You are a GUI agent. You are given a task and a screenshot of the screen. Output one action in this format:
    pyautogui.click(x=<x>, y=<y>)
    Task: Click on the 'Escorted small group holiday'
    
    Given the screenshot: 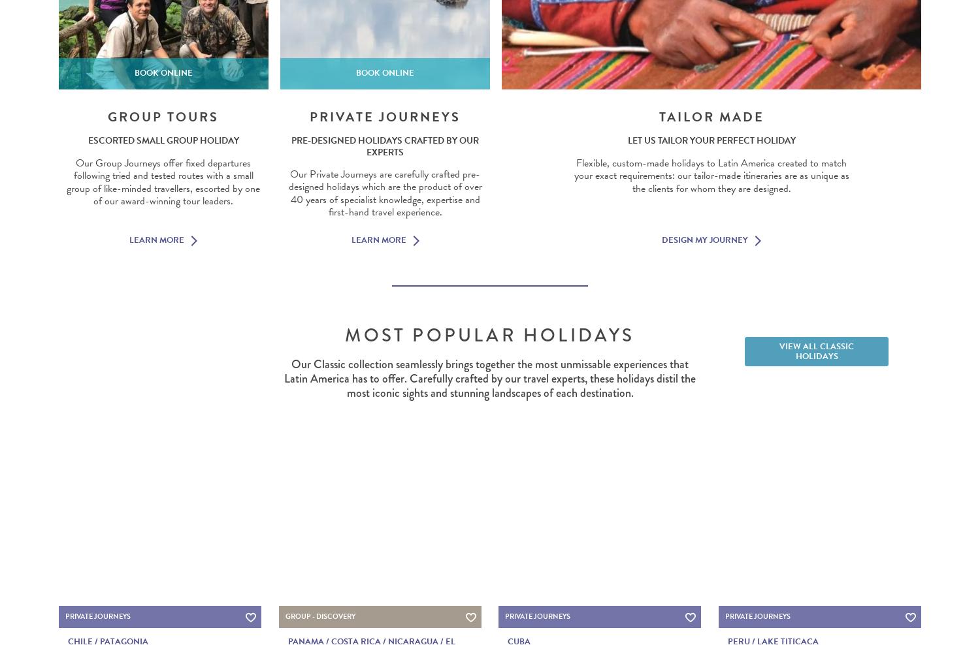 What is the action you would take?
    pyautogui.click(x=162, y=140)
    